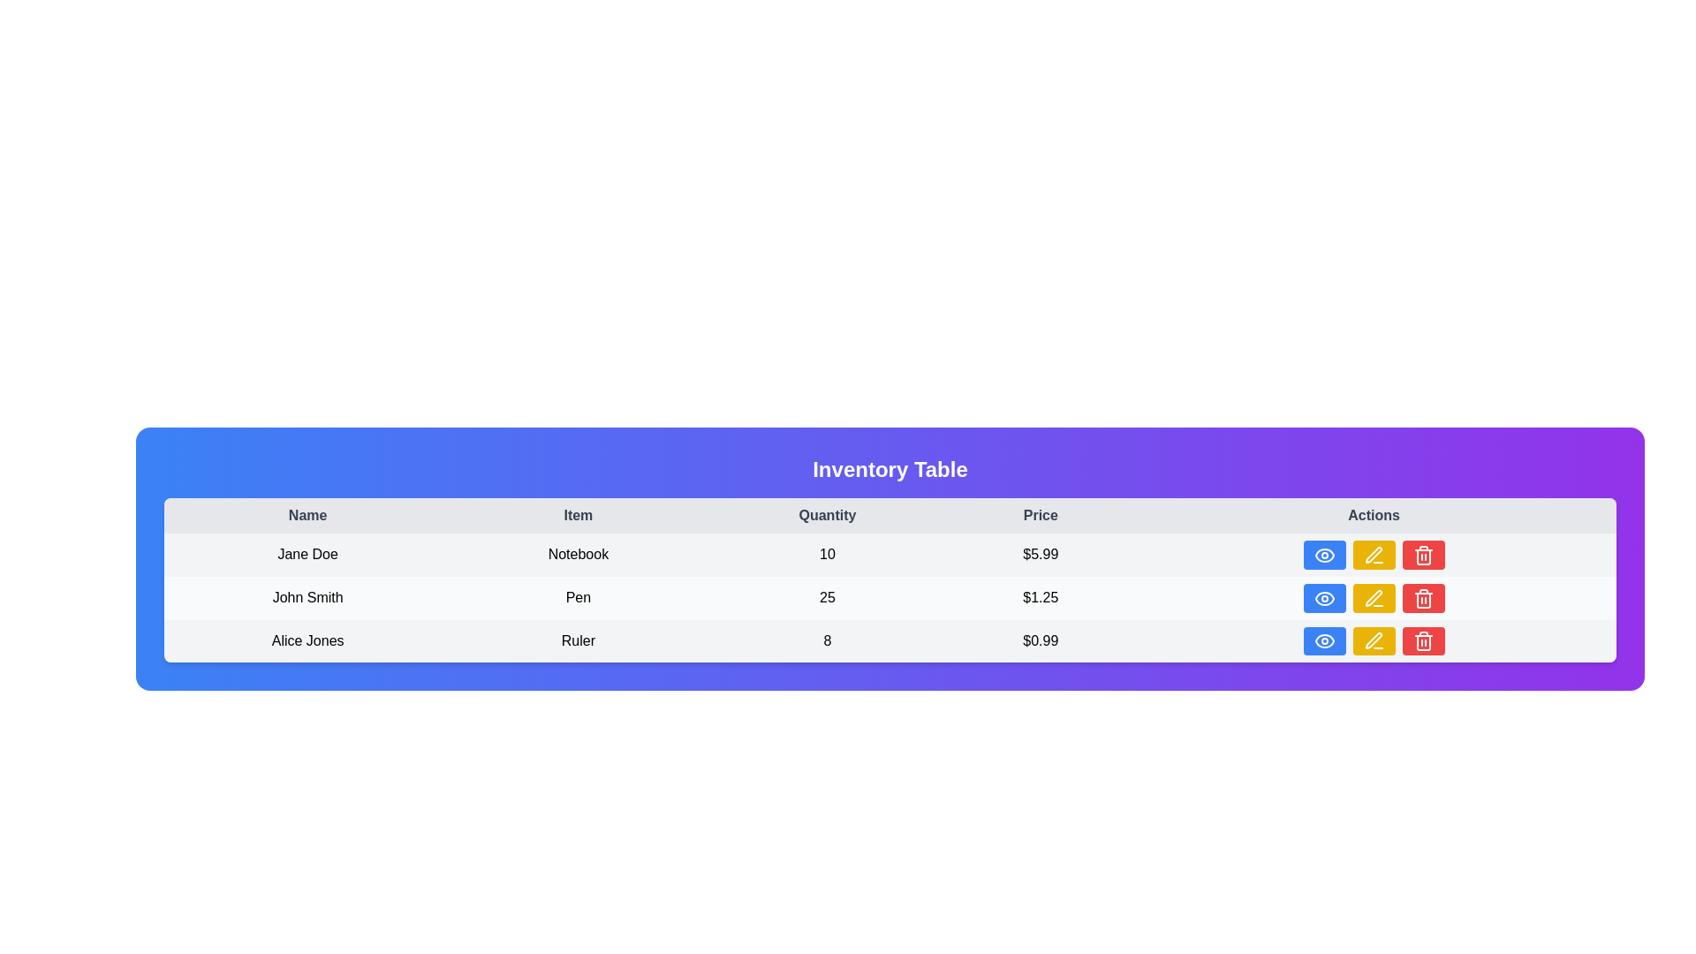 This screenshot has height=954, width=1696. What do you see at coordinates (1423, 554) in the screenshot?
I see `the delete button located on the rightmost side of the third row in the 'Actions' column of the table` at bounding box center [1423, 554].